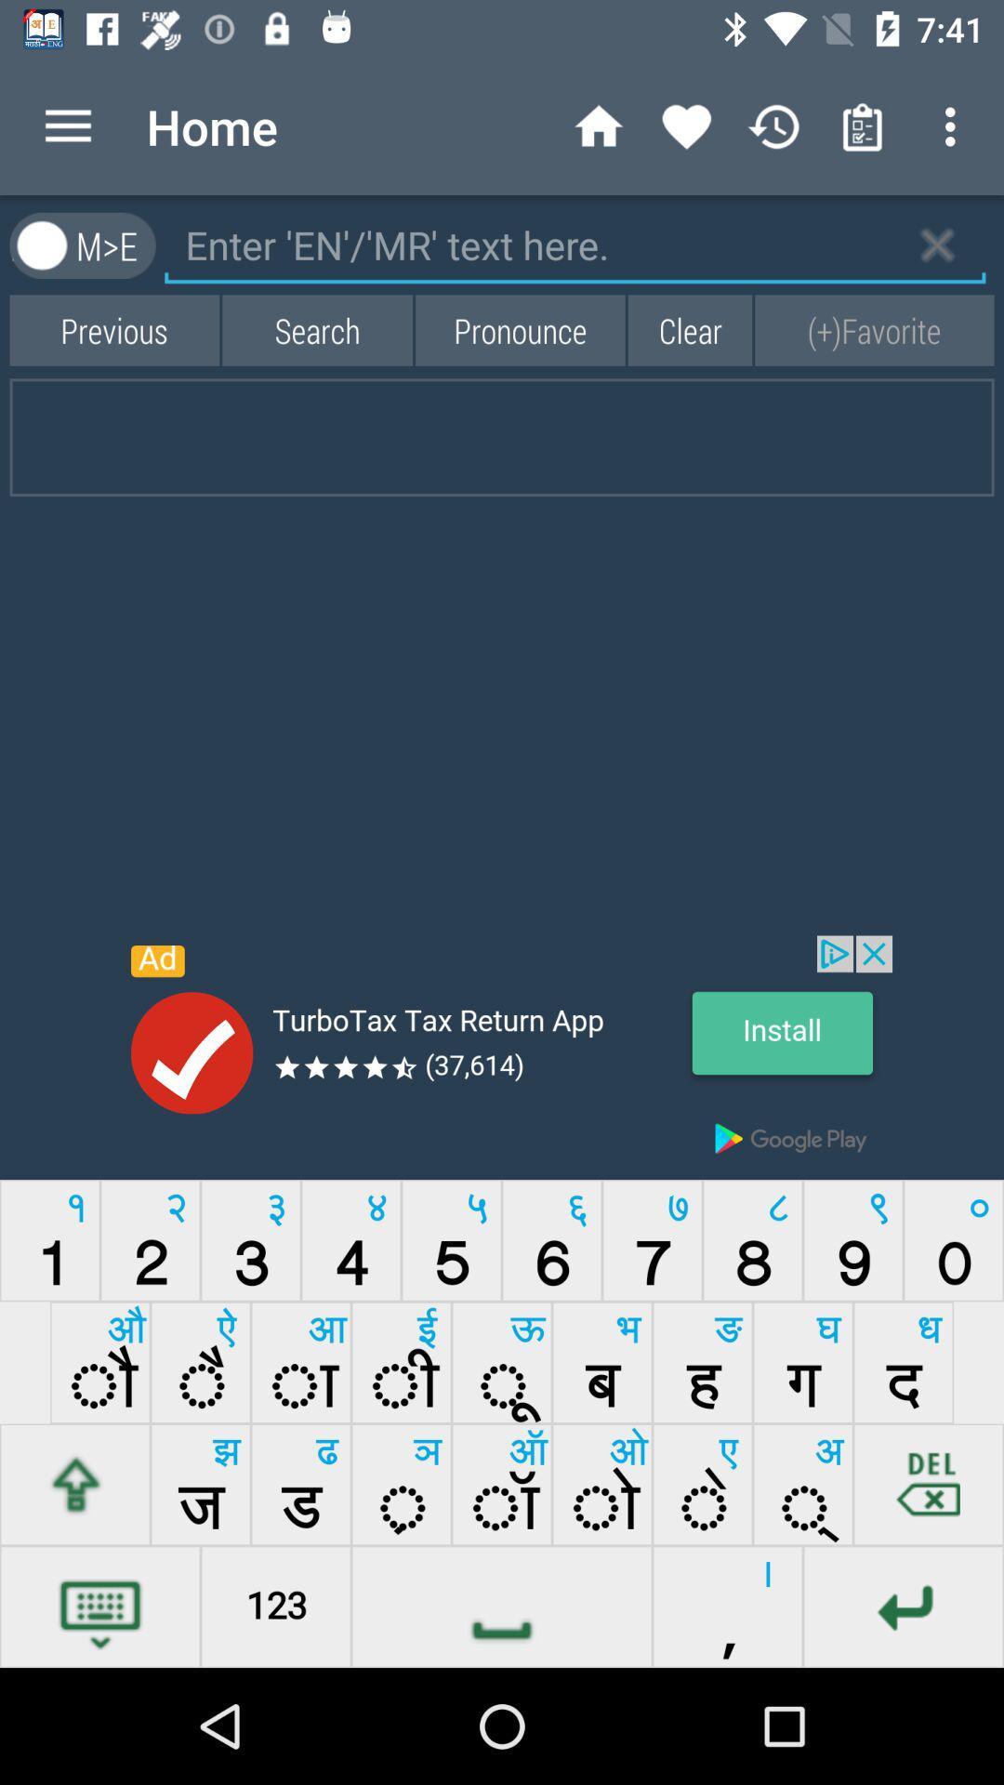 The height and width of the screenshot is (1785, 1004). I want to click on the avatar icon, so click(42, 245).